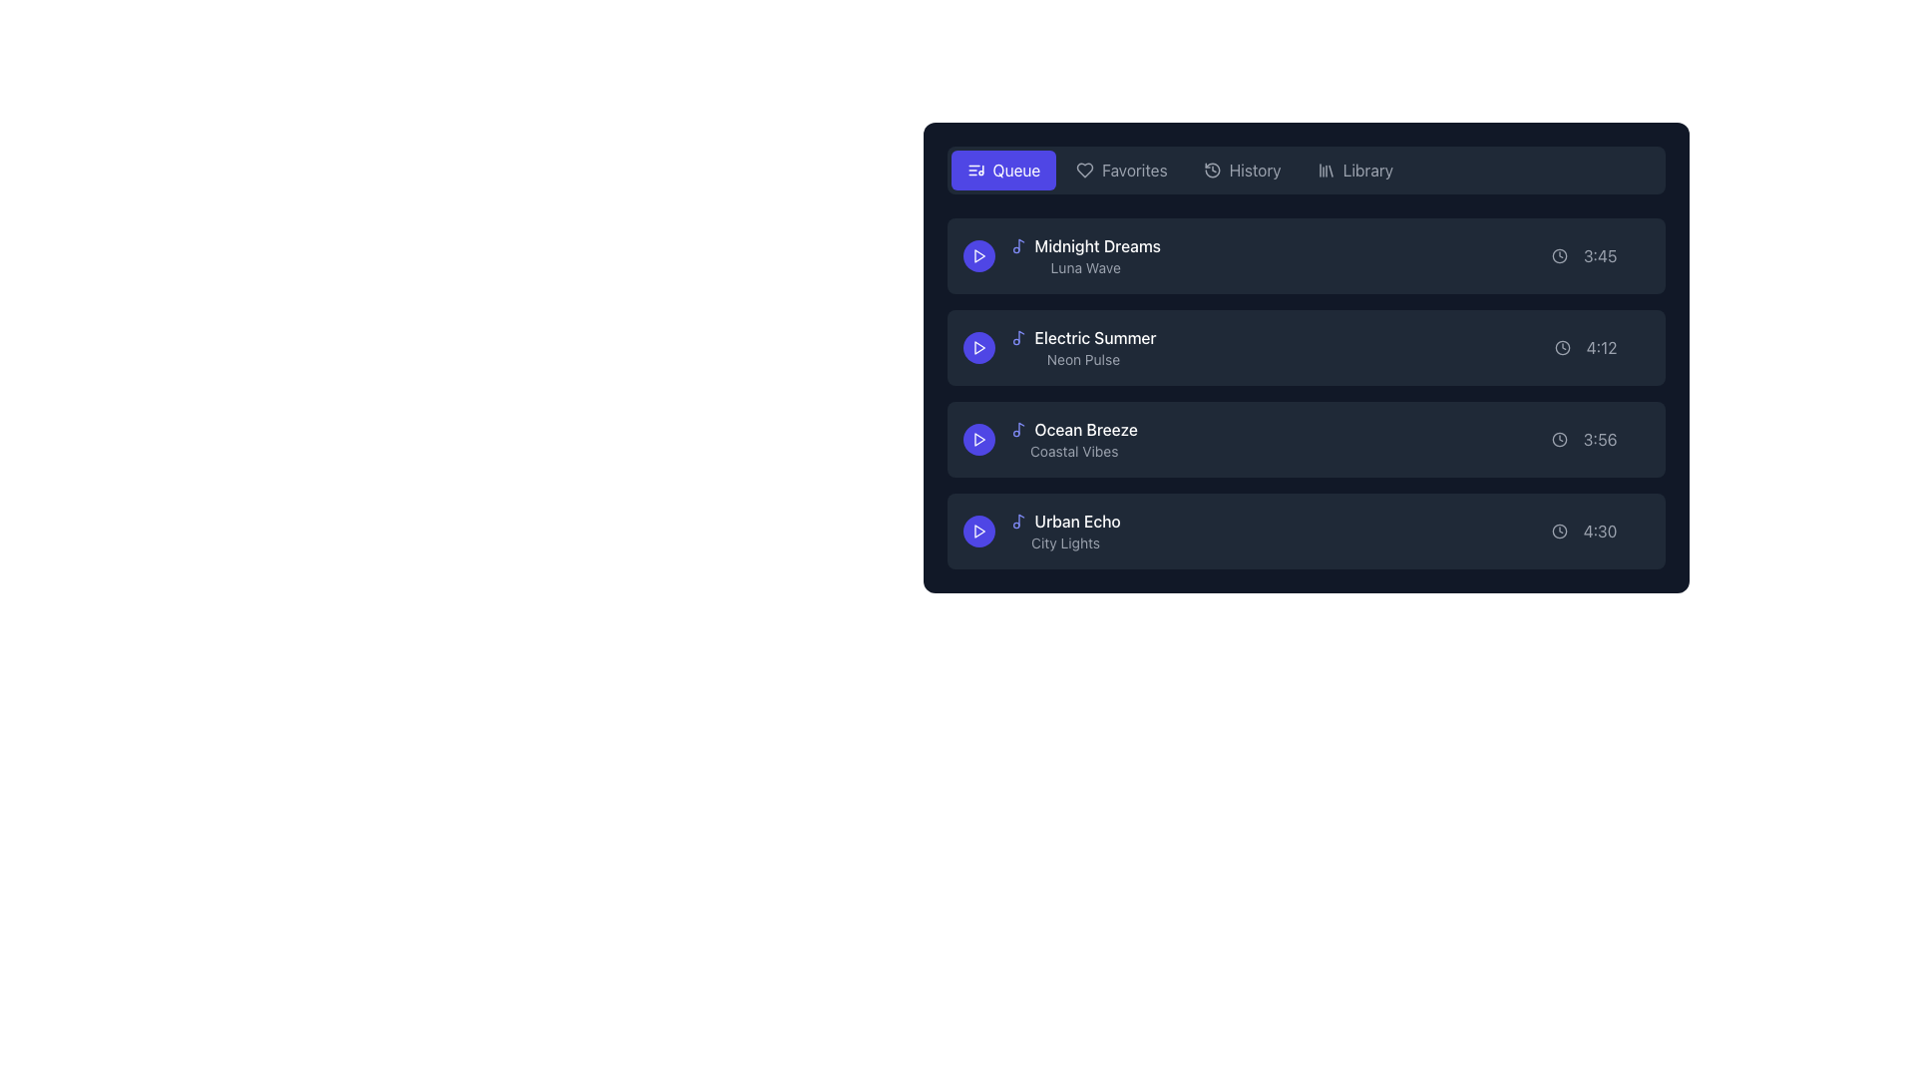  What do you see at coordinates (1020, 519) in the screenshot?
I see `the music note icon located in the last row entry of the song list, positioned to the left of the song title 'Urban Echo'` at bounding box center [1020, 519].